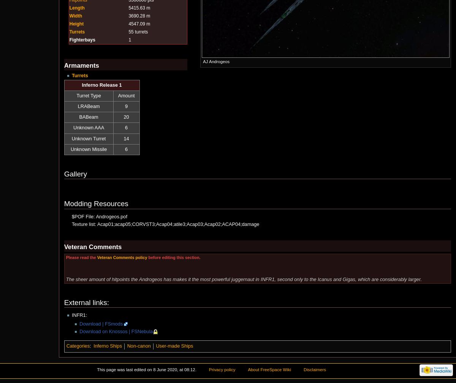  What do you see at coordinates (138, 32) in the screenshot?
I see `'55 turrets'` at bounding box center [138, 32].